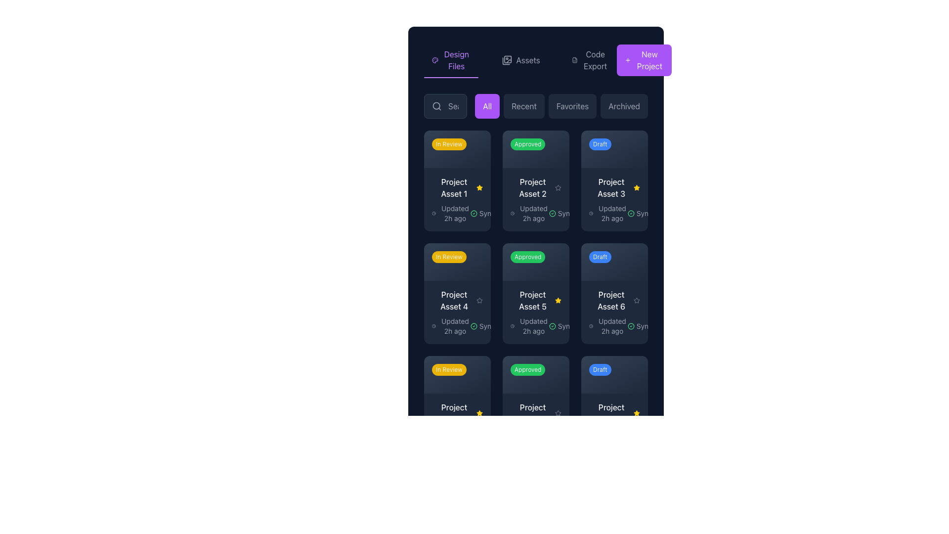  Describe the element at coordinates (614, 326) in the screenshot. I see `the informational text displaying 'Updated 2h ago Synced' with icons in the 'Project Asset 6' card located in the bottom right corner of the card` at that location.